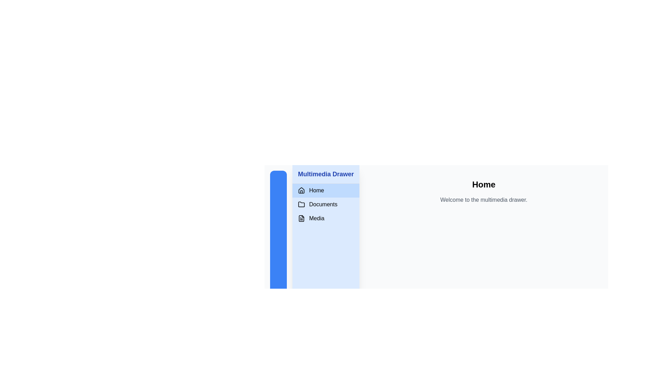 This screenshot has height=377, width=670. Describe the element at coordinates (326, 174) in the screenshot. I see `the 'Multimedia Drawer' static text header, which is a bold, large dark blue title located at the top of the vertical navigation column with a light blue background` at that location.